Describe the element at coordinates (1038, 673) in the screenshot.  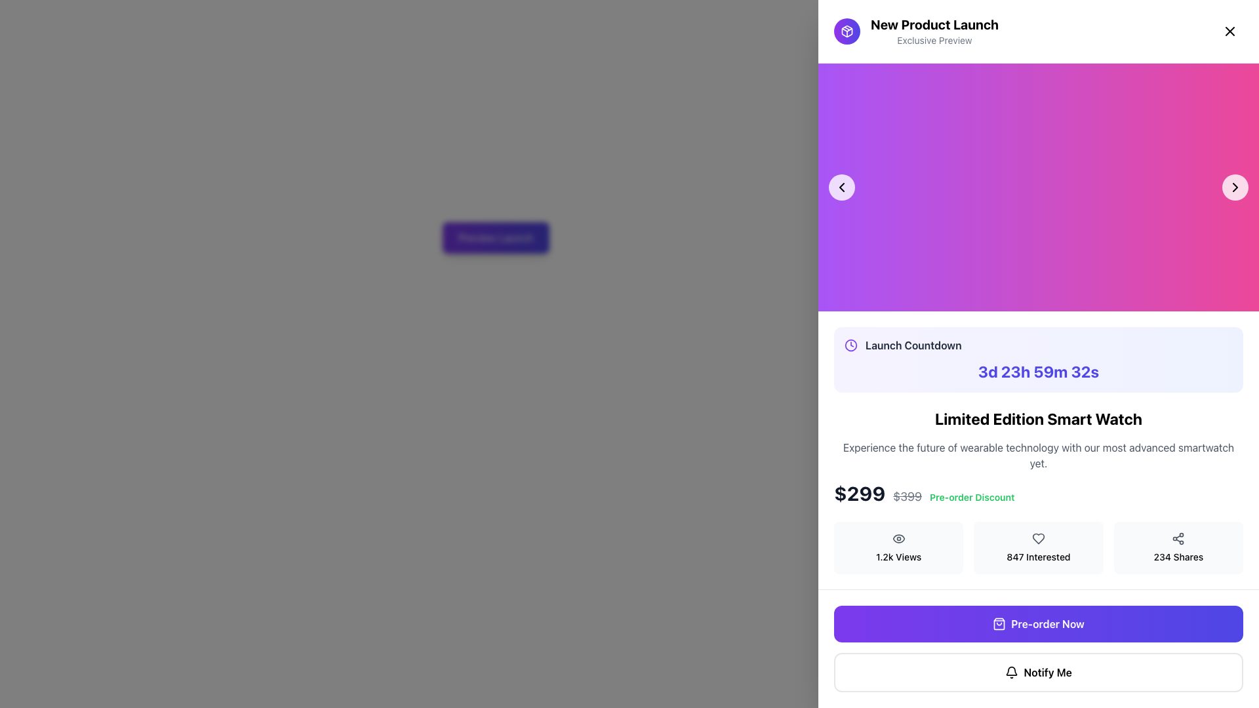
I see `the notifications button located below the 'Pre-order Now' button in the 'Limited Edition Smart Watch' section to observe the hover effect` at that location.